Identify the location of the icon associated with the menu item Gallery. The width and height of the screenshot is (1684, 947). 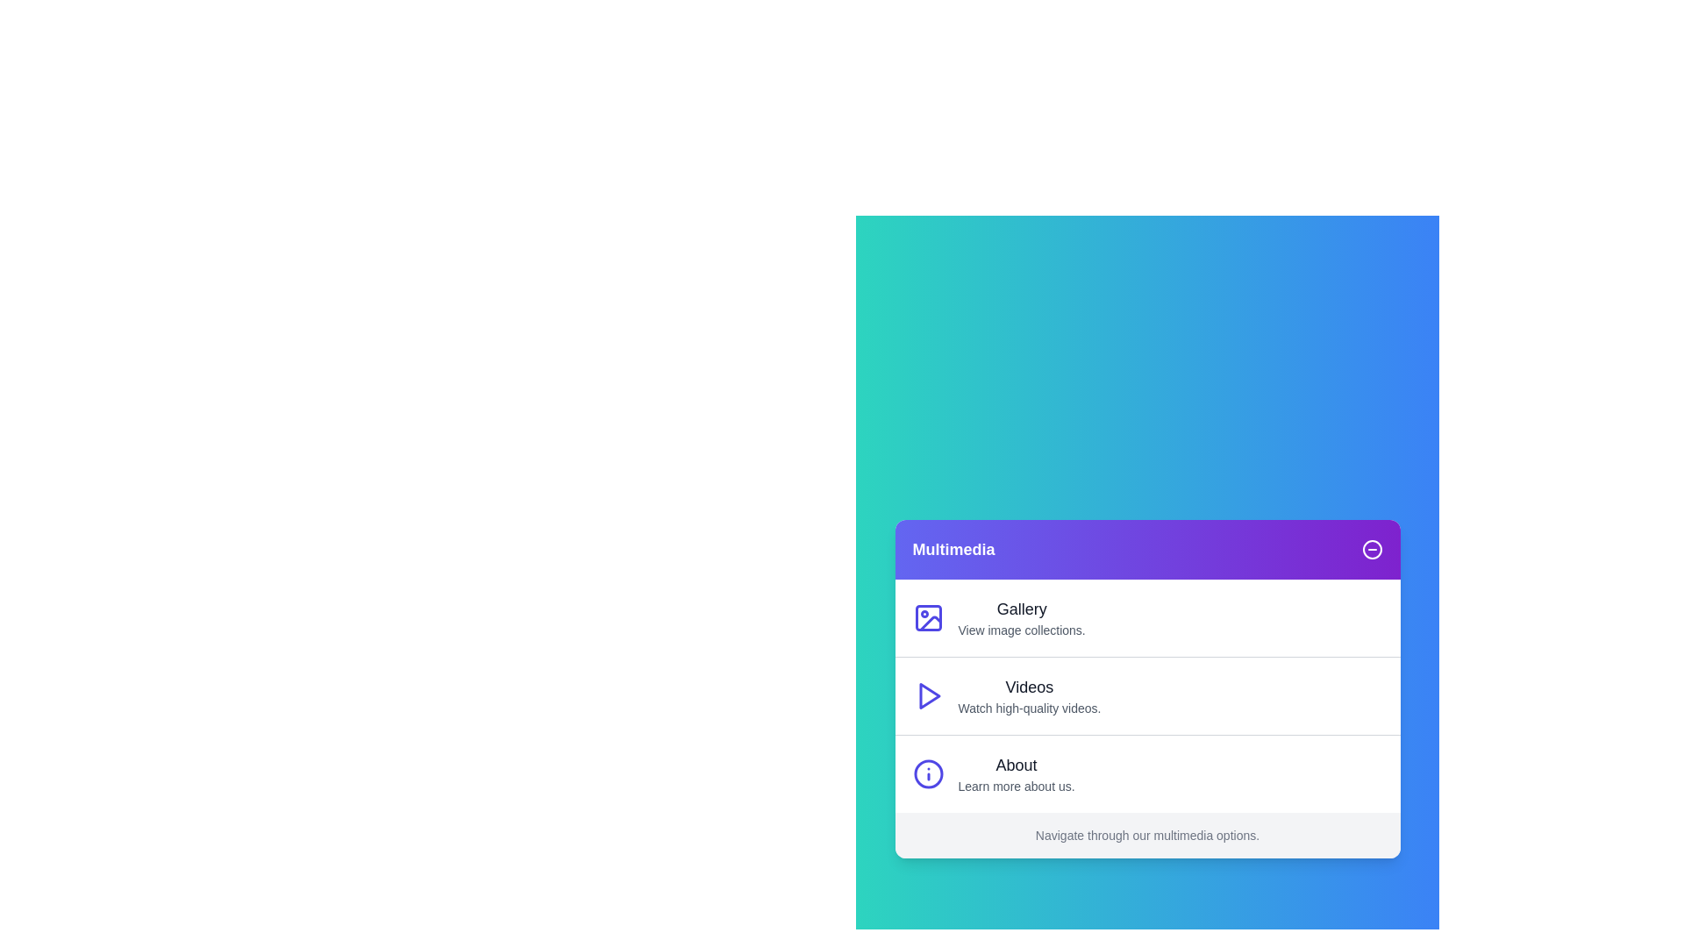
(927, 617).